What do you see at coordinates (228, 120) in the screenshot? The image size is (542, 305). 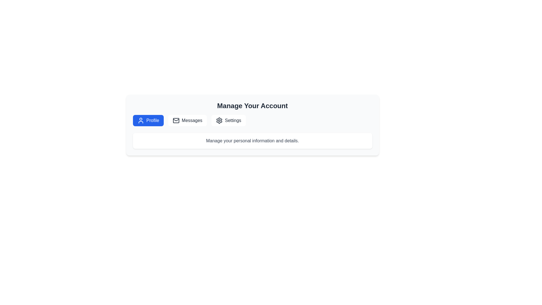 I see `the 'Settings' button with a gear icon` at bounding box center [228, 120].